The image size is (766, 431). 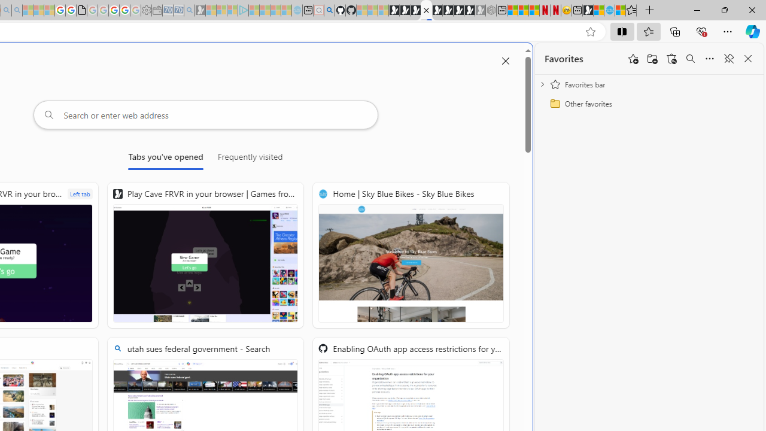 What do you see at coordinates (81, 10) in the screenshot?
I see `'google_privacy_policy_zh-CN.pdf'` at bounding box center [81, 10].